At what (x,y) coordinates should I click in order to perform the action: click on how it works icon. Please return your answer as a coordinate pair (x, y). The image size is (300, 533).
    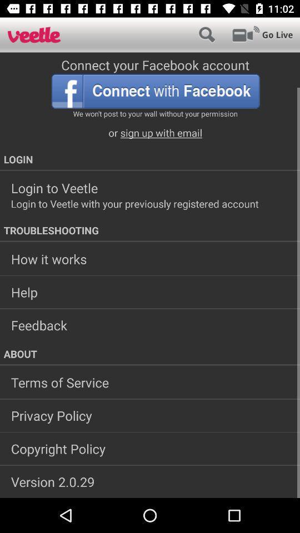
    Looking at the image, I should click on (150, 259).